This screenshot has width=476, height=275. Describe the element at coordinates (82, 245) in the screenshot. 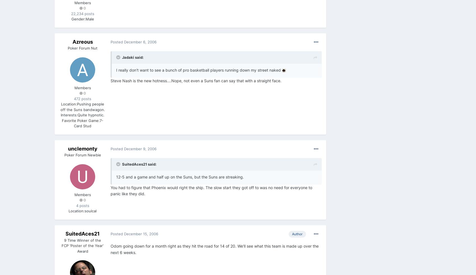

I see `'9 Time Winner of the FCP 'Poster of the Year' Award'` at that location.